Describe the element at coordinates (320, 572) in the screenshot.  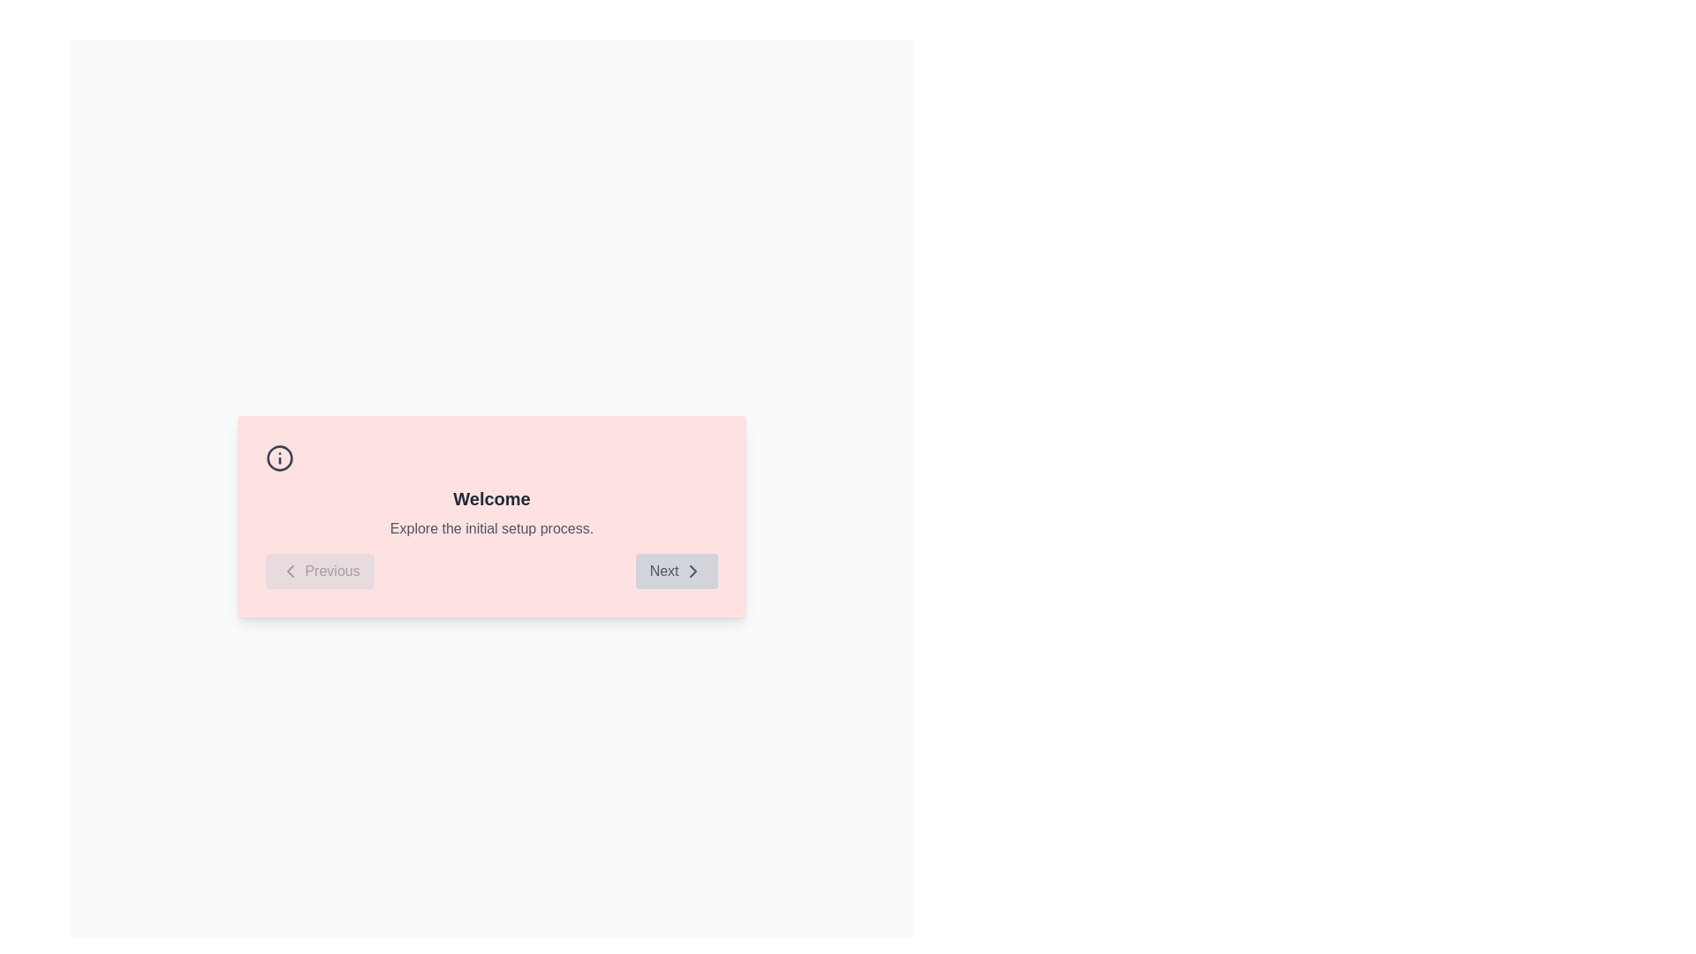
I see `the 'Previous' button, which is a rectangular button with rounded corners located at the bottom-left corner of the pink box containing a 'Welcome' message` at that location.